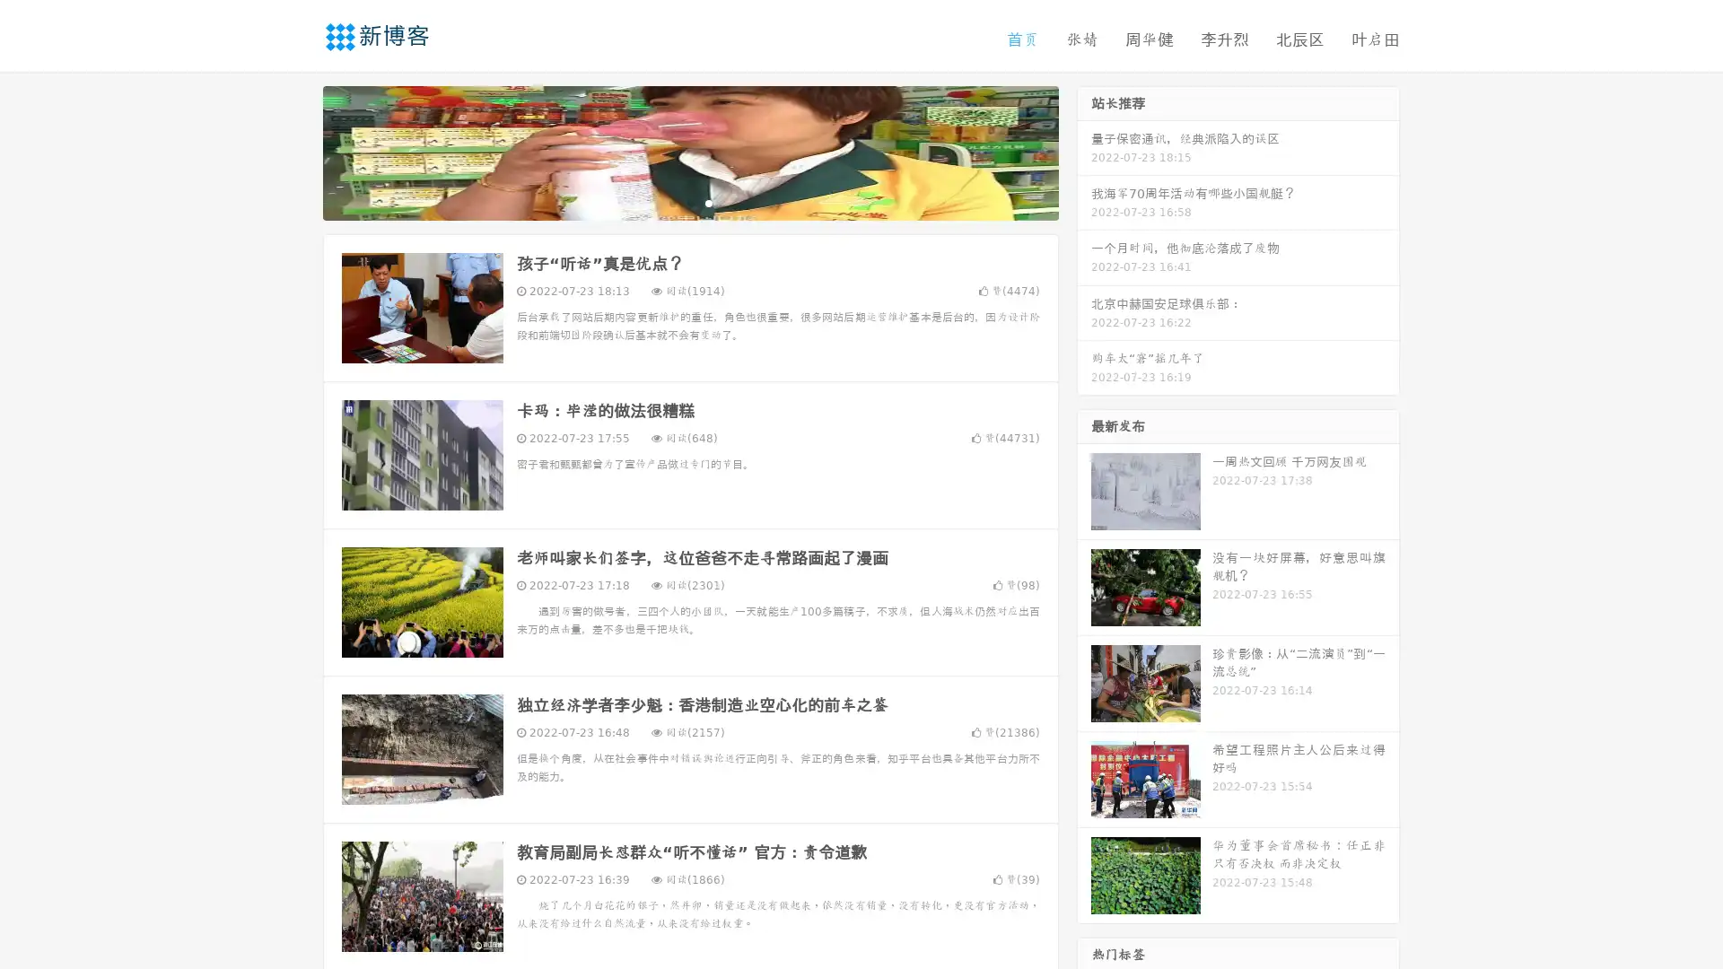 This screenshot has width=1723, height=969. Describe the element at coordinates (708, 202) in the screenshot. I see `Go to slide 3` at that location.